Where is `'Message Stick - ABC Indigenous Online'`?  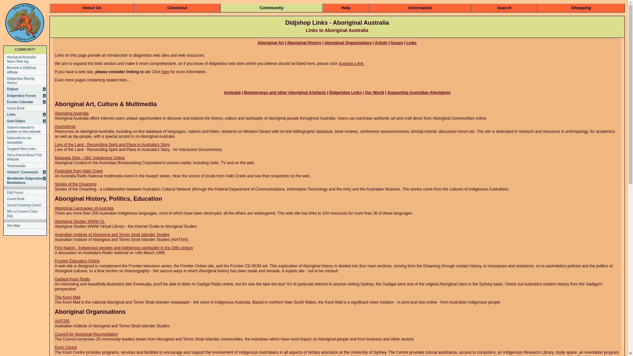 'Message Stick - ABC Indigenous Online' is located at coordinates (89, 158).